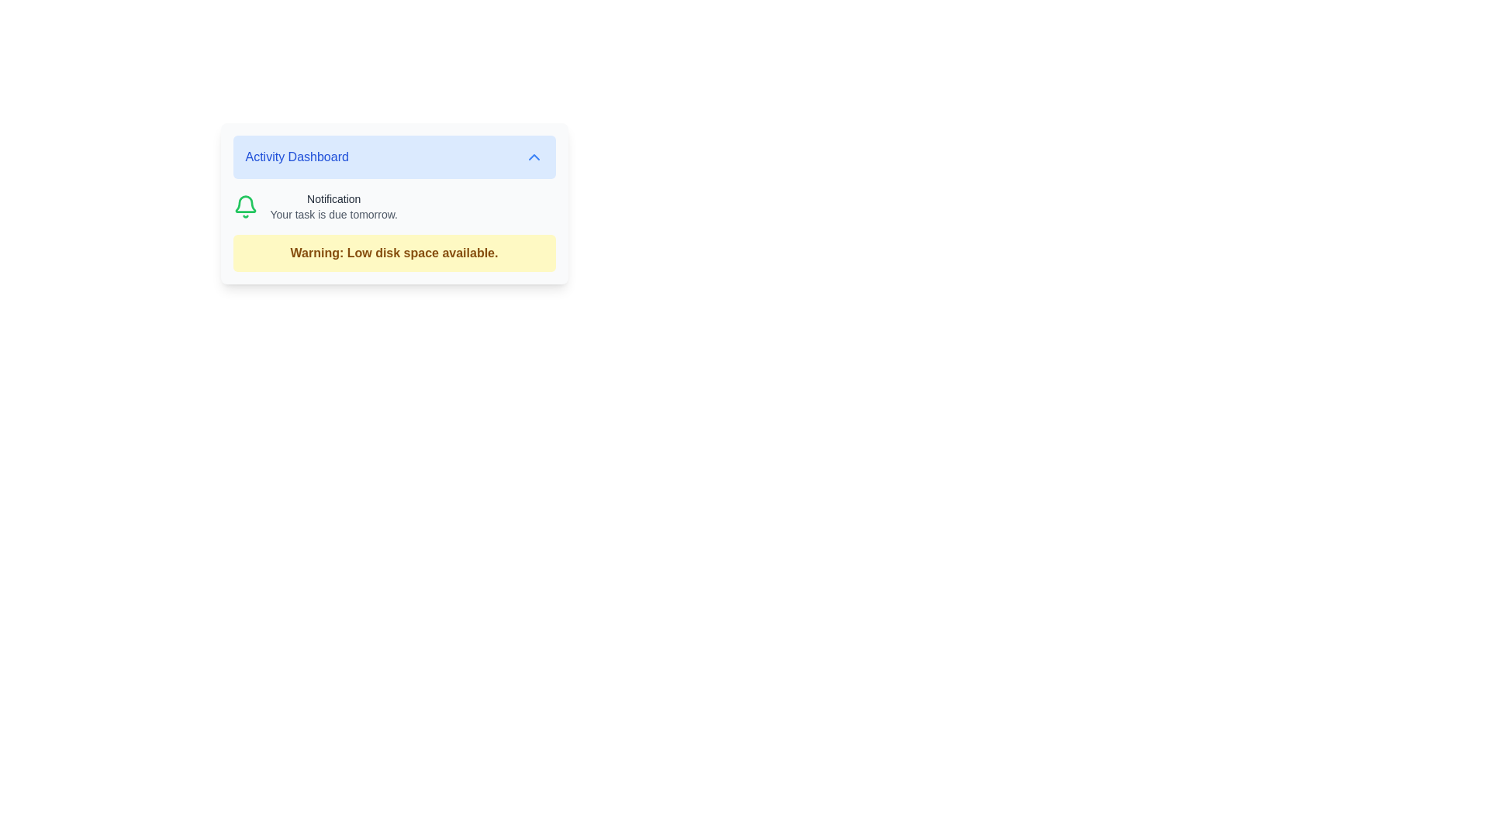 The height and width of the screenshot is (837, 1489). I want to click on the button located on the right-hand side of the 'Activity Dashboard' section, so click(534, 157).